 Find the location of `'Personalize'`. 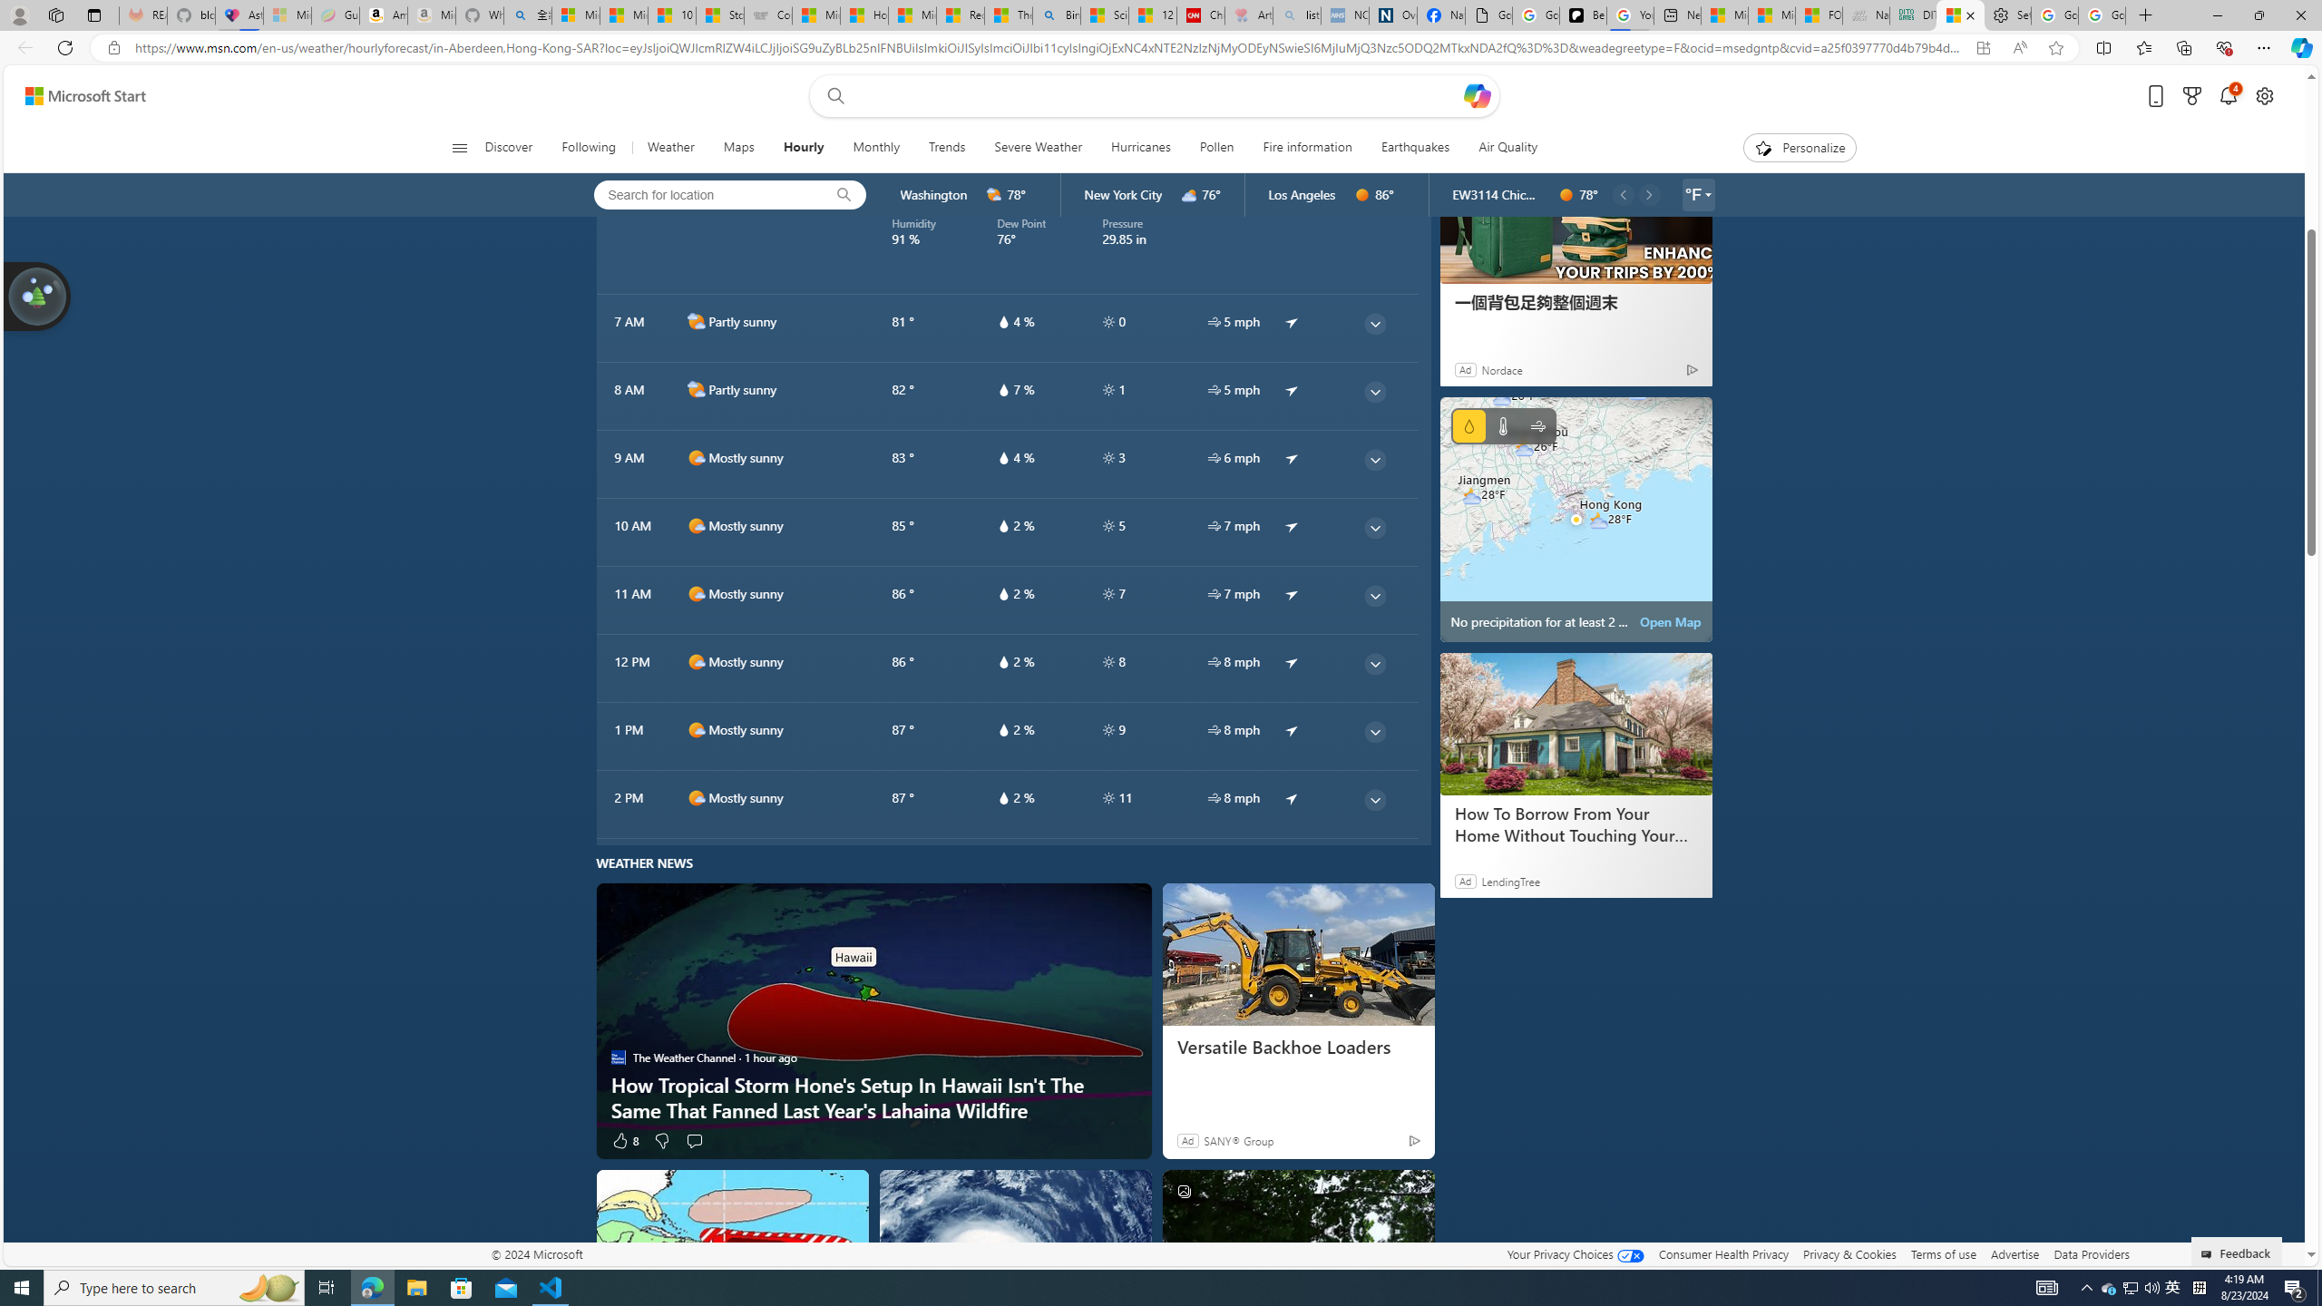

'Personalize' is located at coordinates (1800, 147).